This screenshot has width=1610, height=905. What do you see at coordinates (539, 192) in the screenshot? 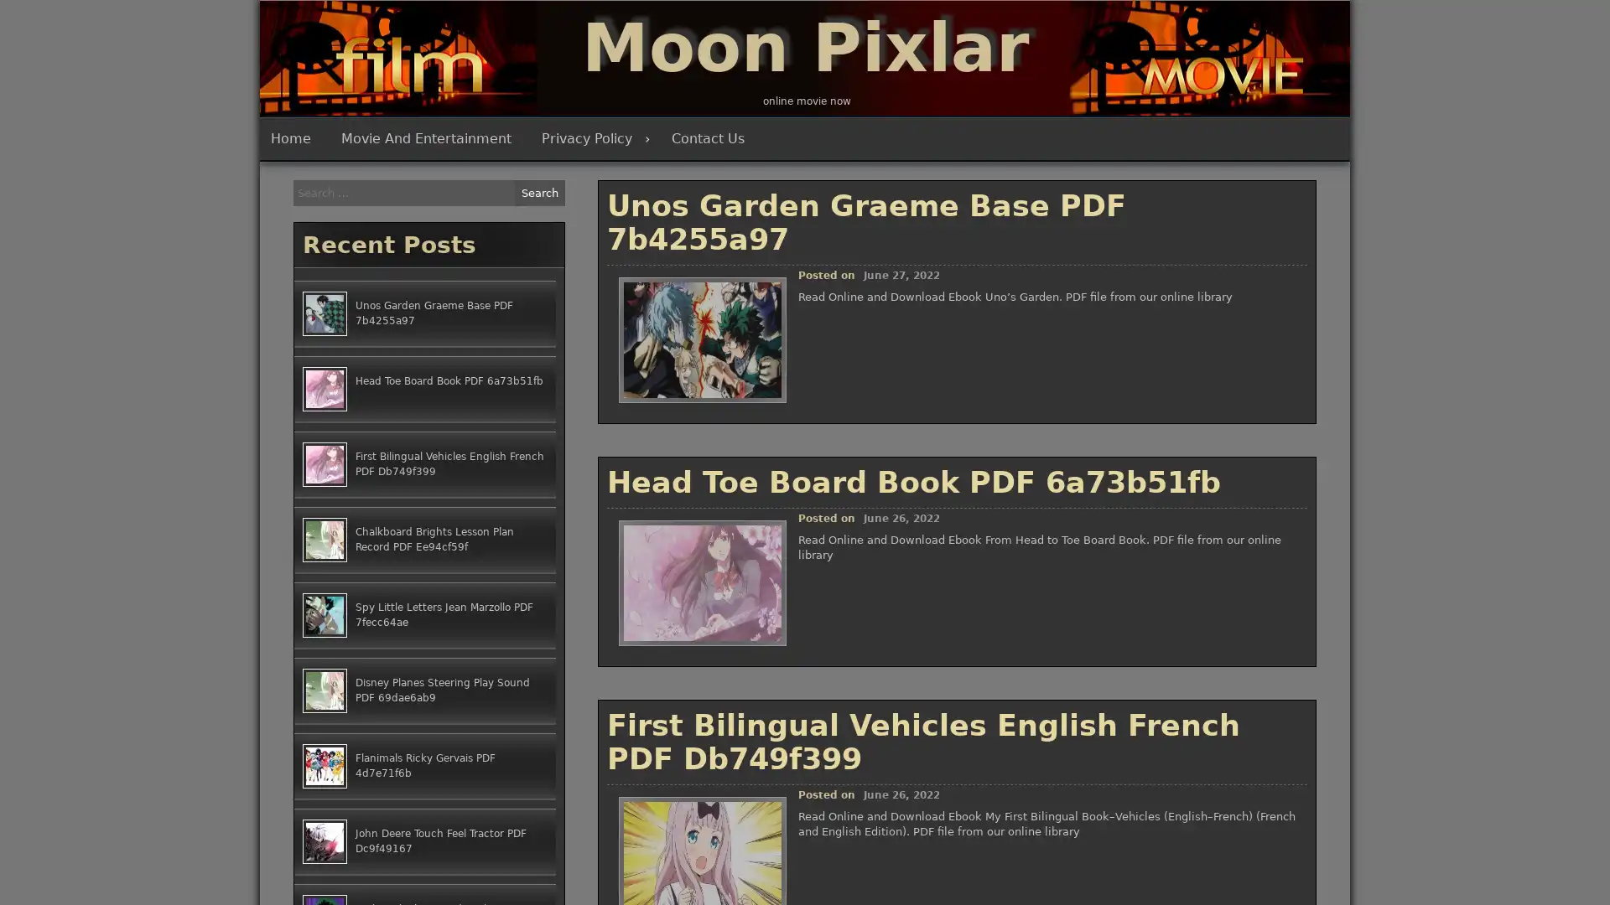
I see `Search` at bounding box center [539, 192].